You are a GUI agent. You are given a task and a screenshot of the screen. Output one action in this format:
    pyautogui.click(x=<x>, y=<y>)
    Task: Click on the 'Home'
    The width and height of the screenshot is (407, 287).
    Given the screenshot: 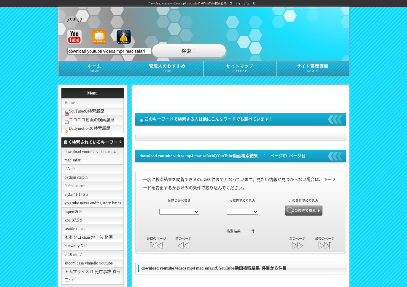 What is the action you would take?
    pyautogui.click(x=69, y=102)
    